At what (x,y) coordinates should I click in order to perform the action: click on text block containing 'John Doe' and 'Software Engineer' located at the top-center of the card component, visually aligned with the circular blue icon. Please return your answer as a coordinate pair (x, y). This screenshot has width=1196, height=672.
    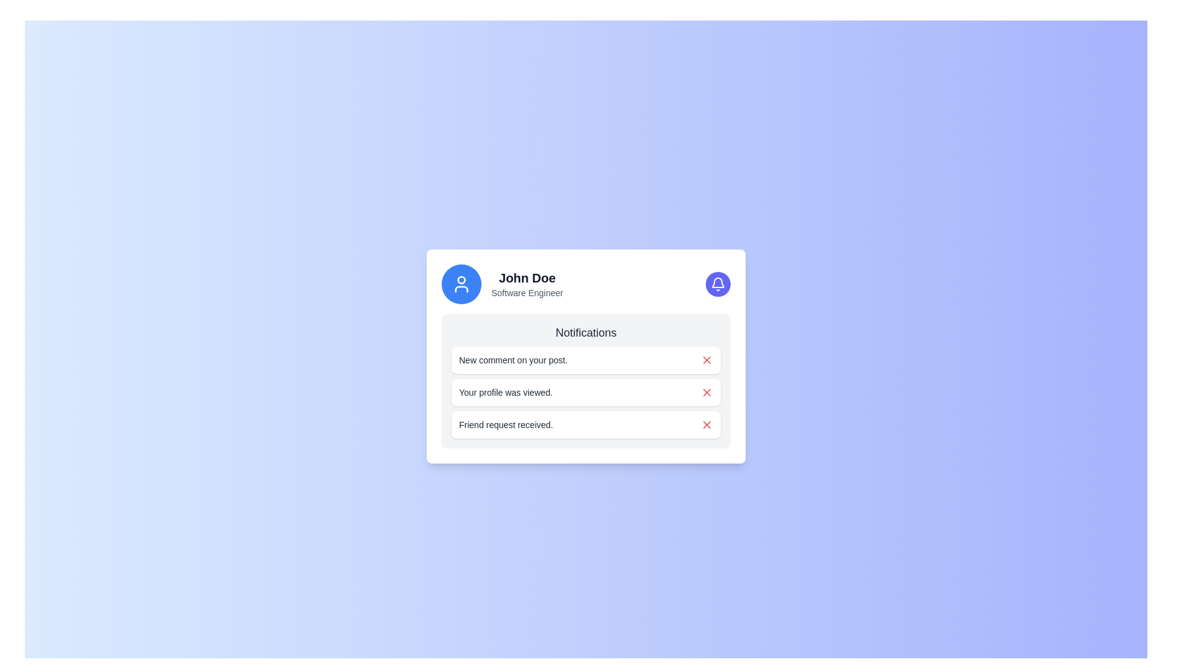
    Looking at the image, I should click on (527, 284).